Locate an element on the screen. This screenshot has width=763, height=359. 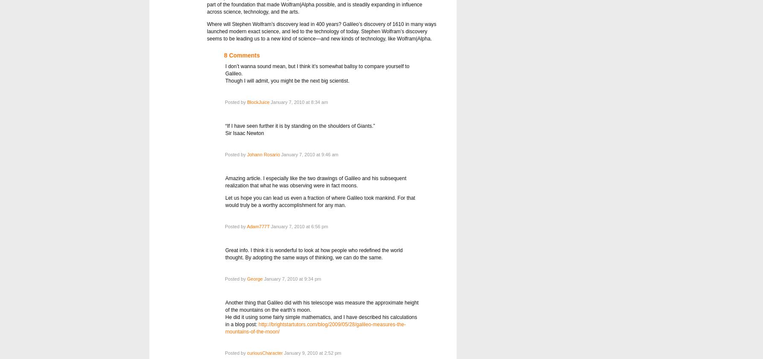
'Where will Stephen Wolfram’s discovery lead in 400 years?  Galileo’s discovery of 1610 in many ways launched modern exact science, and led to the technology of today.  Stephen Wolfram’s discovery seems to be leading us to a new kind of science—and new kinds of technology, like Wolfram|Alpha.' is located at coordinates (321, 31).